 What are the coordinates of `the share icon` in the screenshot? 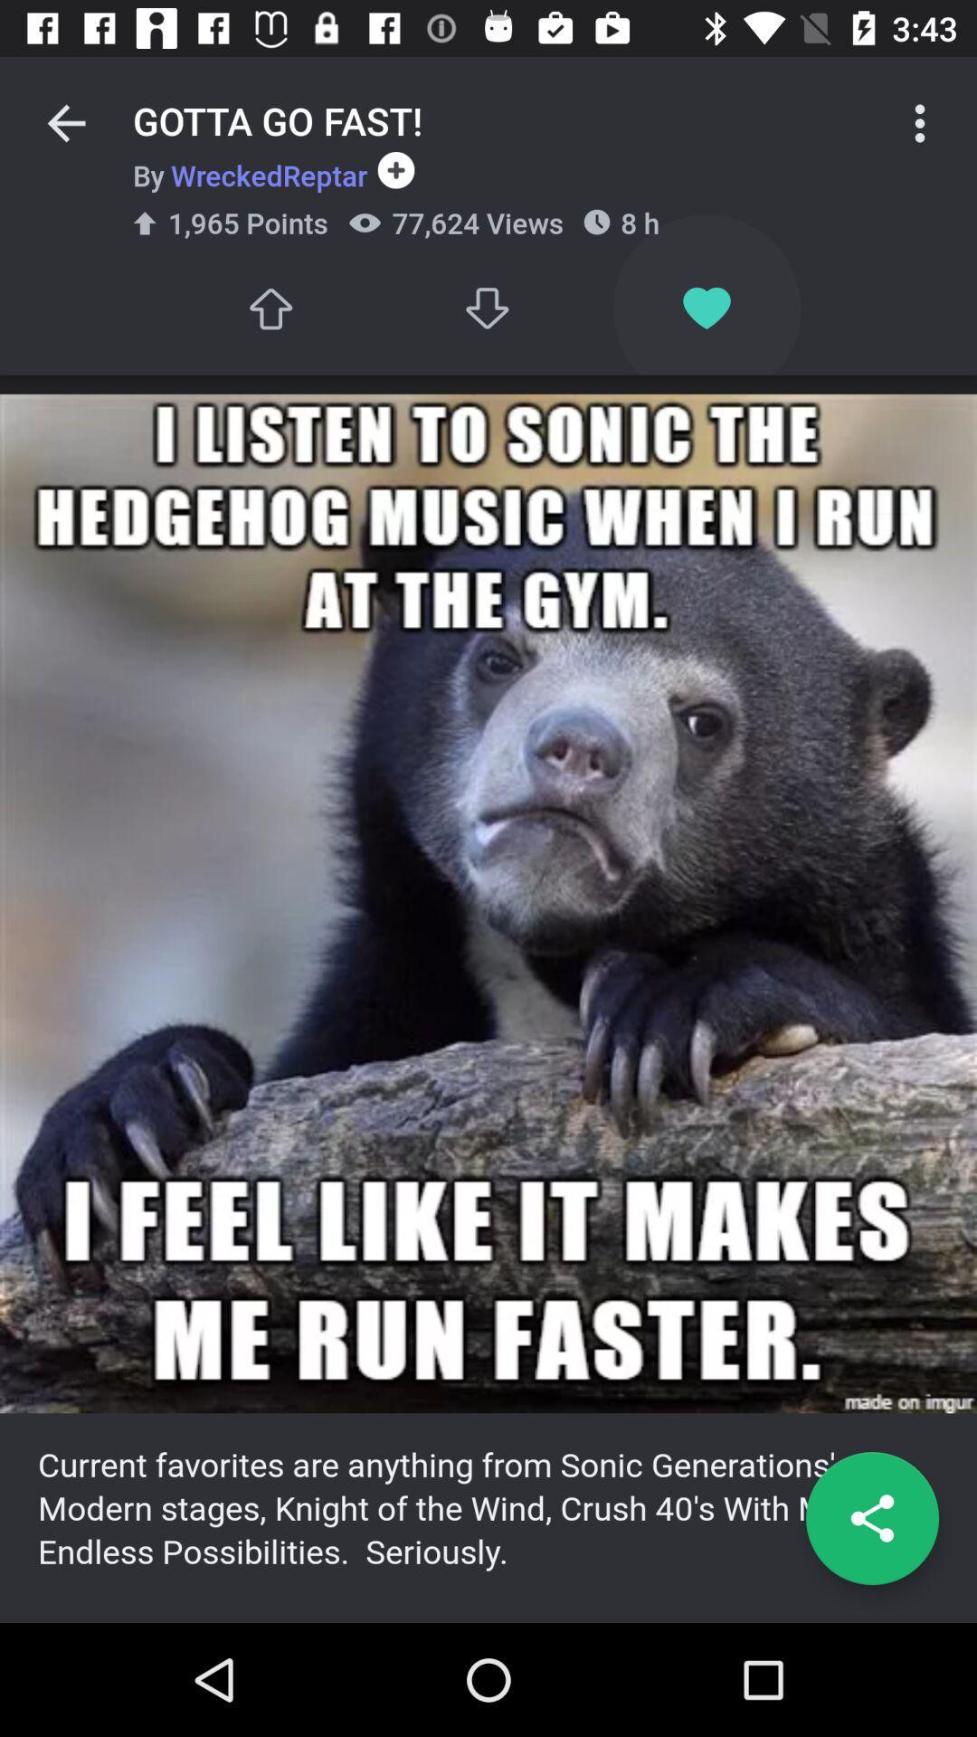 It's located at (871, 1518).